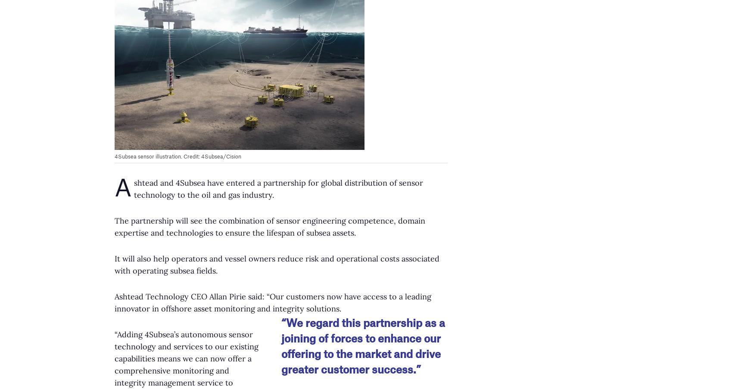 This screenshot has width=729, height=389. Describe the element at coordinates (118, 333) in the screenshot. I see `'ADNOC awards $400m LNG technology supply contract to Baker Hughes'` at that location.